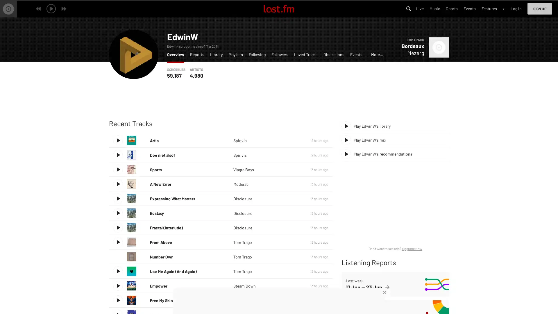  What do you see at coordinates (293, 271) in the screenshot?
I see `Buy` at bounding box center [293, 271].